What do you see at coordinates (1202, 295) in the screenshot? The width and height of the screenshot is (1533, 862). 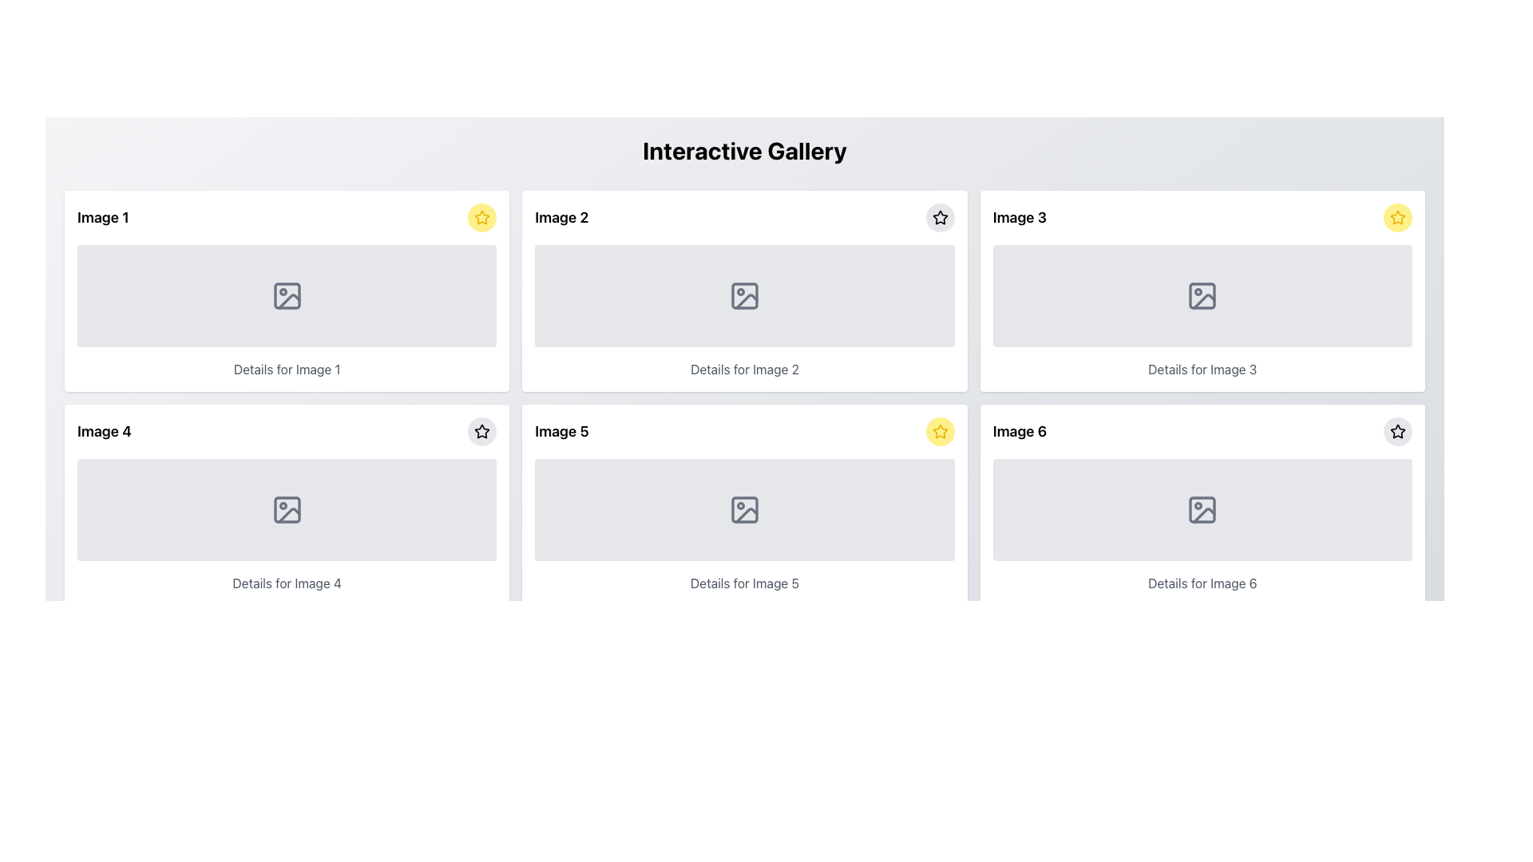 I see `the gray rectangular panel with rounded corners that serves as an image placeholder, located in the card labeled 'Image 3' in the top-right corner of the gallery display` at bounding box center [1202, 295].